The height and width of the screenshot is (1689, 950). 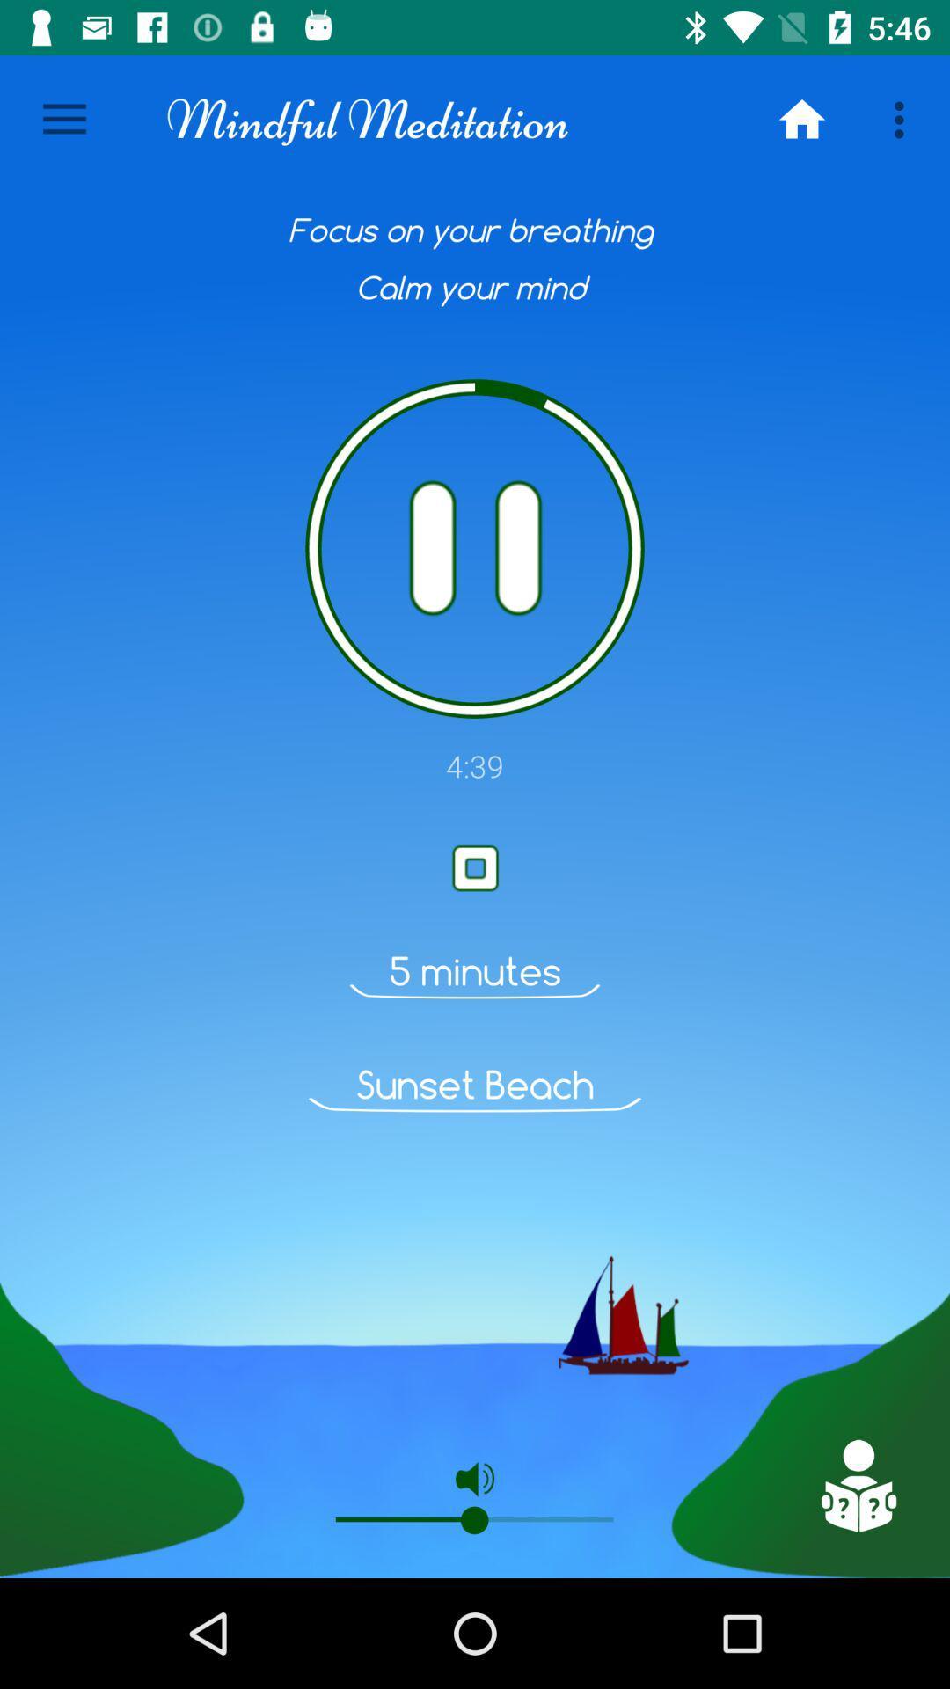 I want to click on stop, so click(x=475, y=868).